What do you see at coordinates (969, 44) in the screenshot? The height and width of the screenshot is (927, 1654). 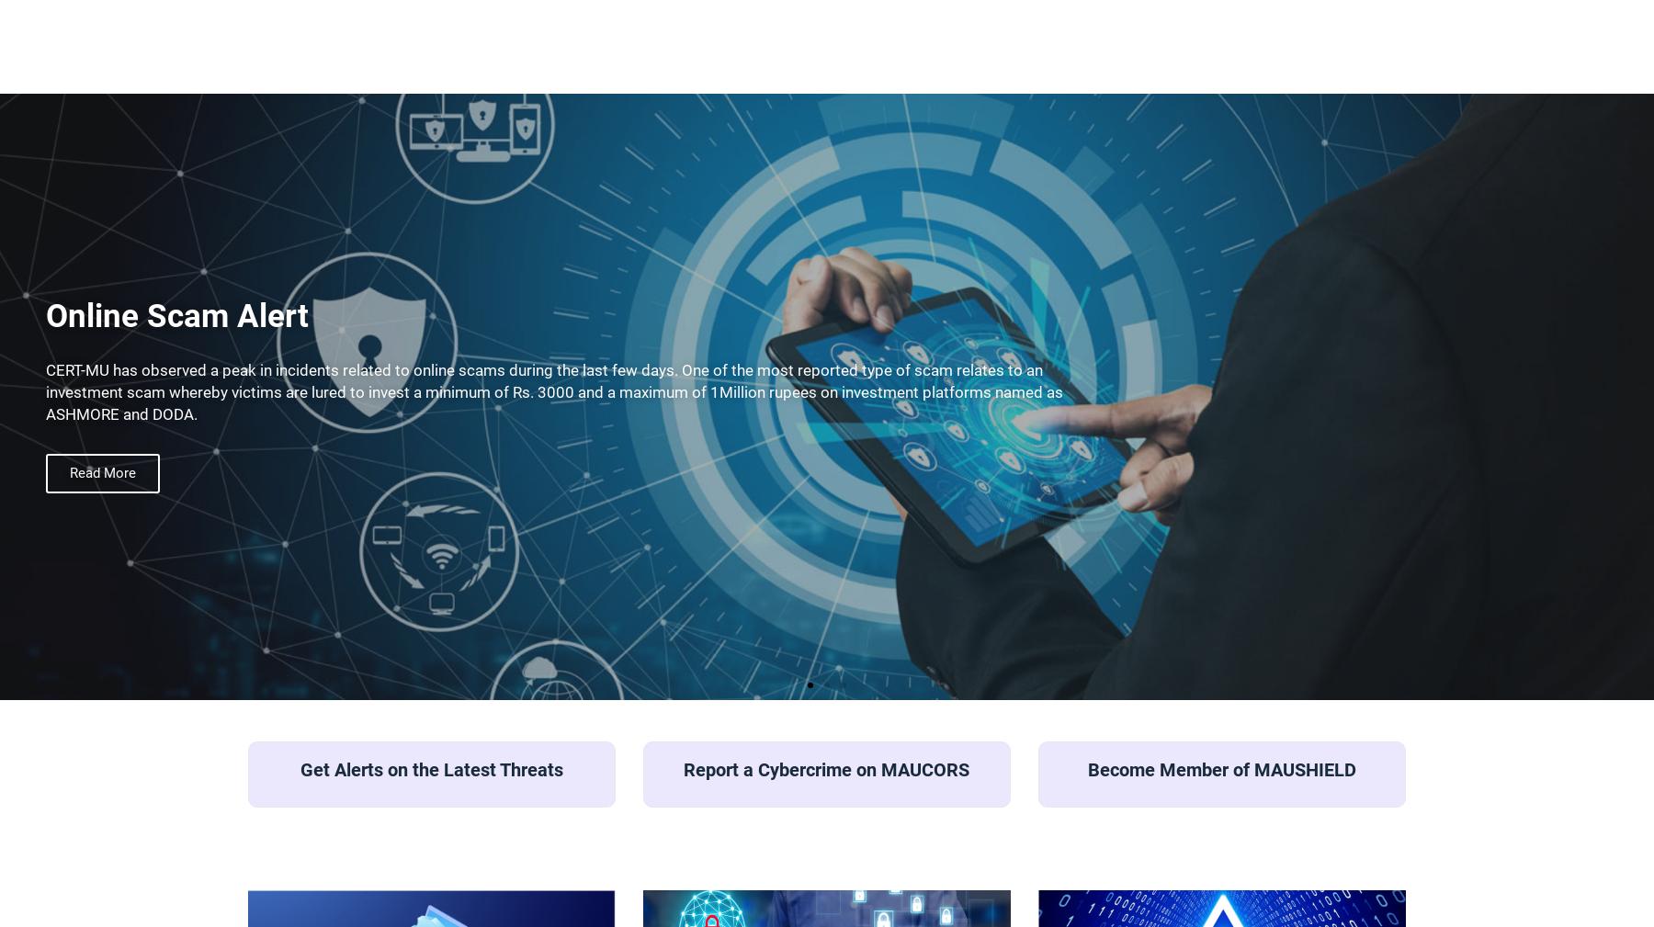 I see `'About Us'` at bounding box center [969, 44].